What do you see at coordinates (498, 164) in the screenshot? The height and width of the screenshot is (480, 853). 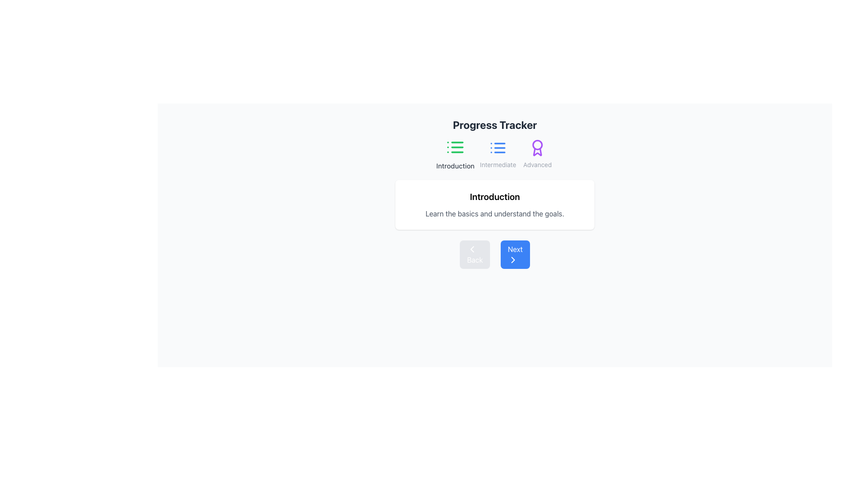 I see `the text label reading 'Intermediate', which is the second label in the horizontal sequence under the 'Progress Tracker' header` at bounding box center [498, 164].